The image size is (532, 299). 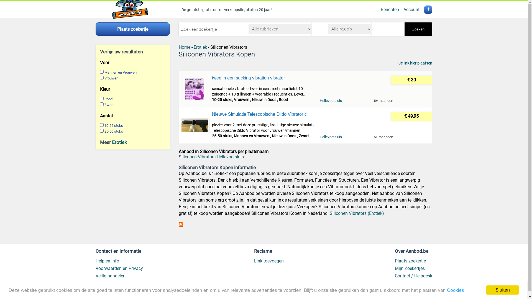 What do you see at coordinates (108, 283) in the screenshot?
I see `'Cookiebeleid'` at bounding box center [108, 283].